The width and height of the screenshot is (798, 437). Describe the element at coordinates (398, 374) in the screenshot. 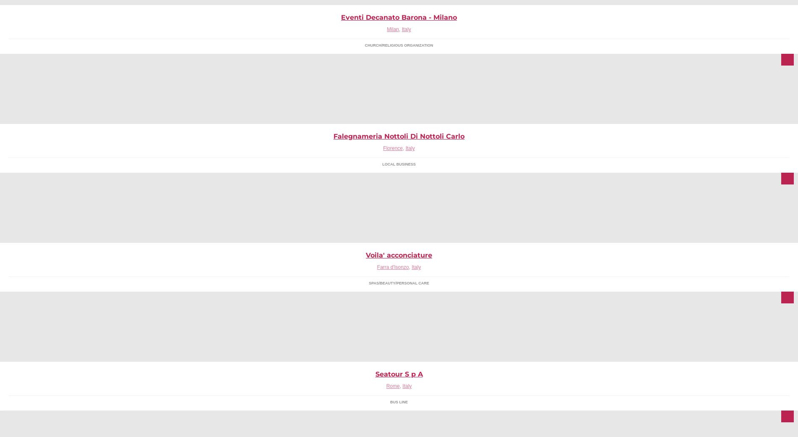

I see `'Seatour S p A'` at that location.